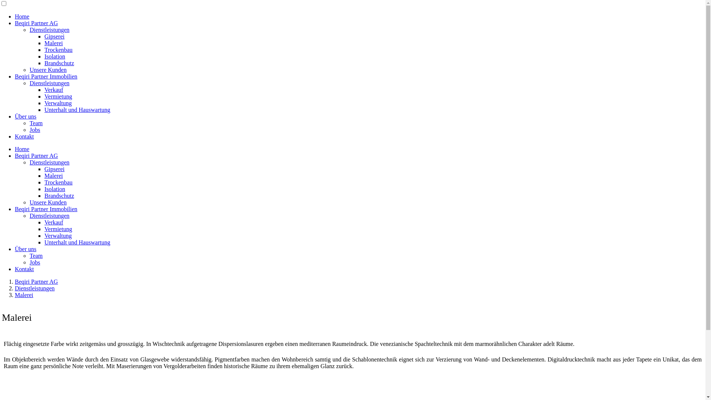 This screenshot has height=400, width=711. What do you see at coordinates (24, 136) in the screenshot?
I see `'Kontakt'` at bounding box center [24, 136].